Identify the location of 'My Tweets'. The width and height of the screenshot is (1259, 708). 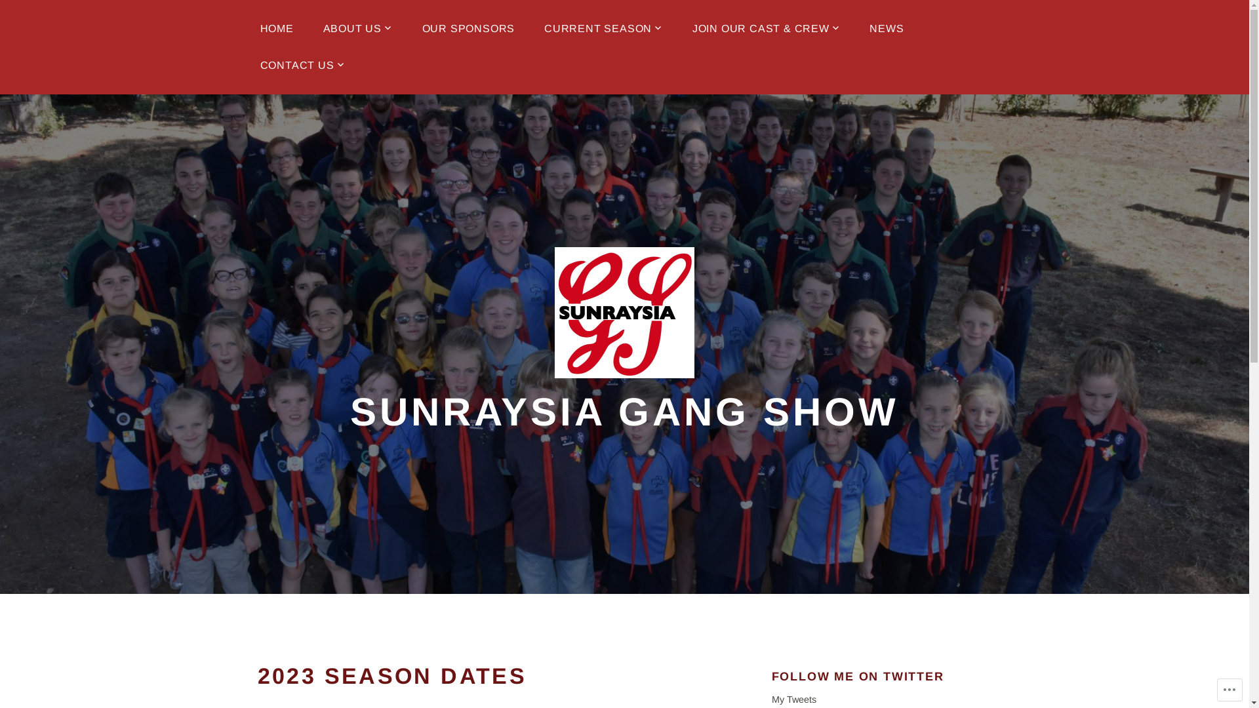
(771, 699).